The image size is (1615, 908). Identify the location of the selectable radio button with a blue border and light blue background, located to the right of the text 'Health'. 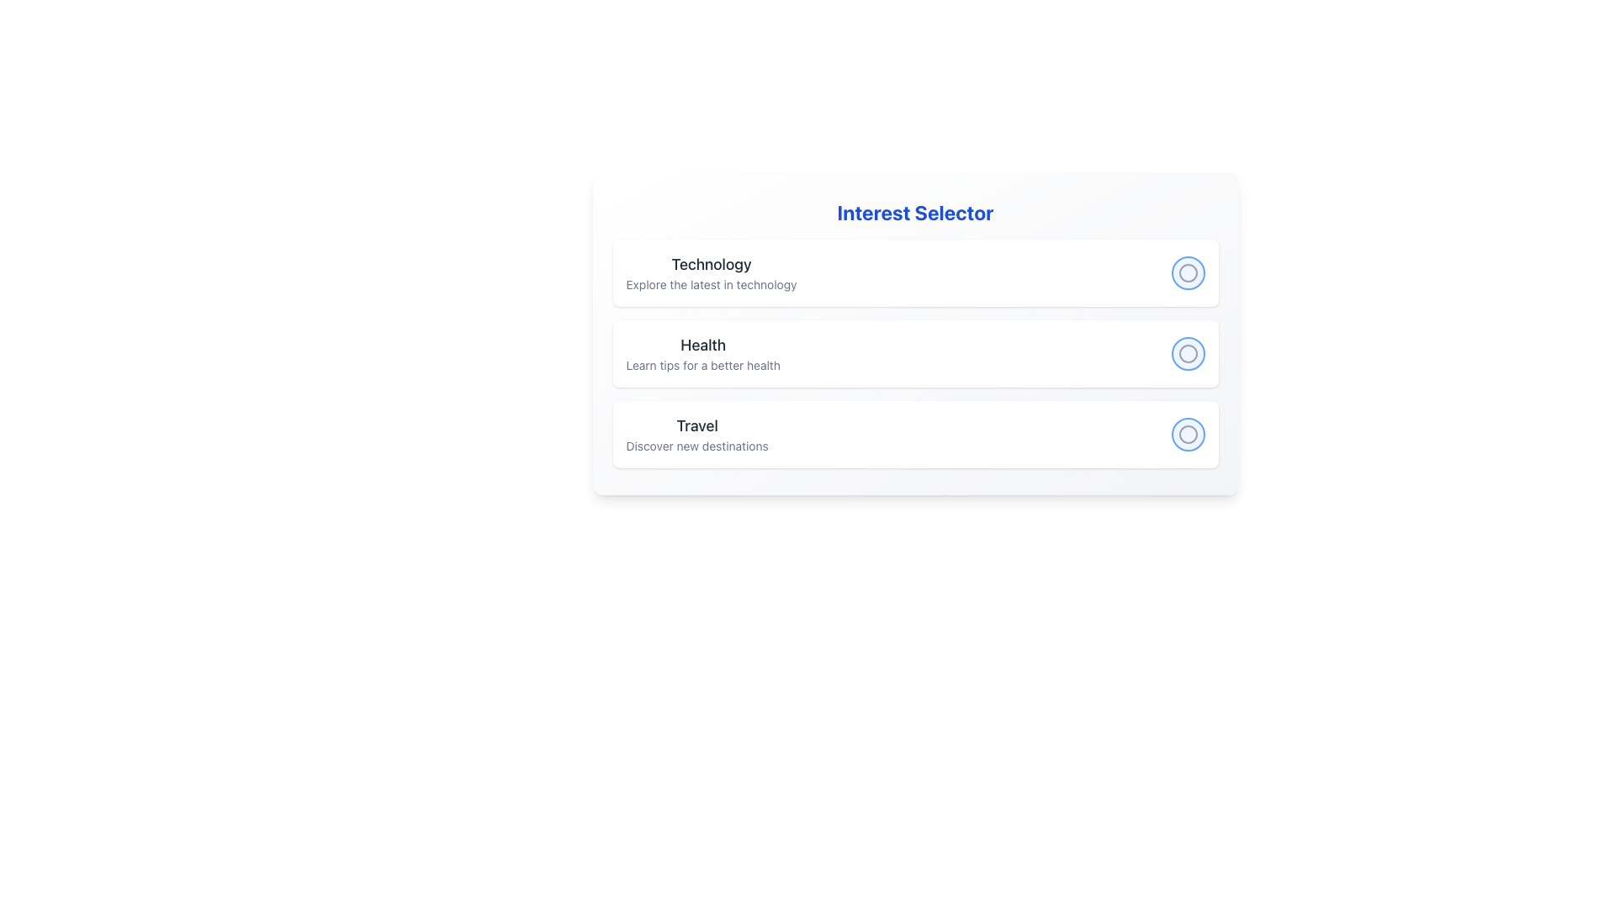
(1187, 352).